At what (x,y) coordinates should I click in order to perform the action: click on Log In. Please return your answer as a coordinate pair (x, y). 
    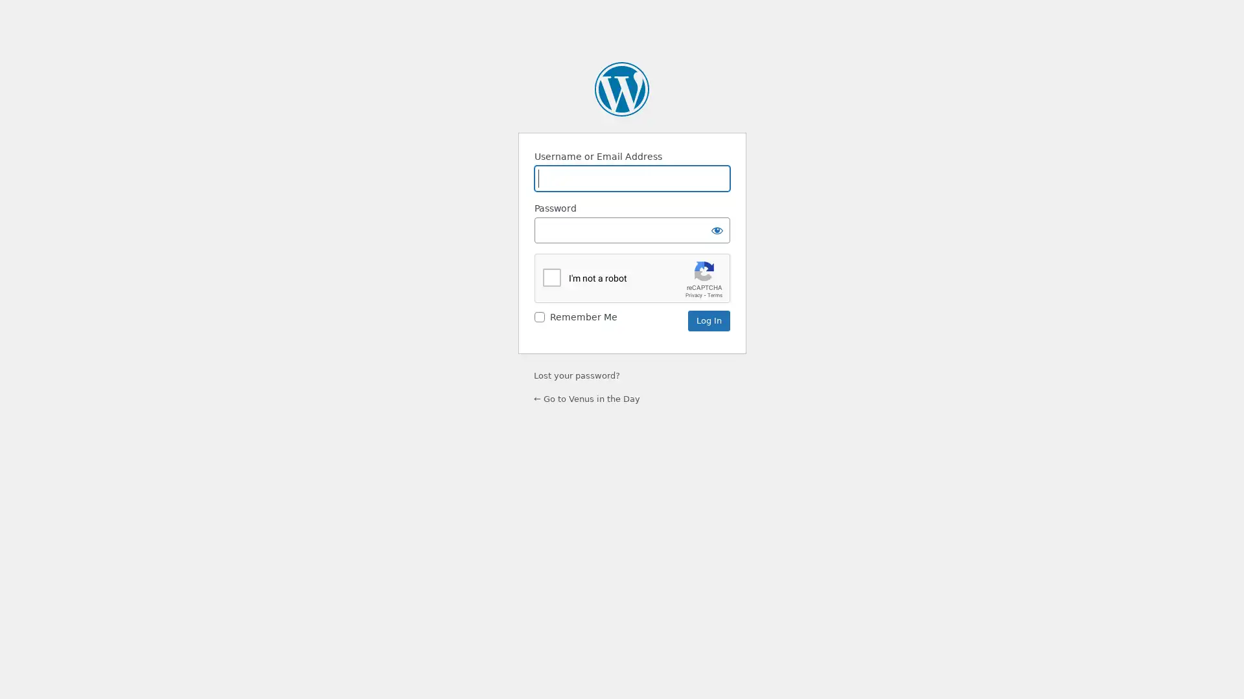
    Looking at the image, I should click on (708, 320).